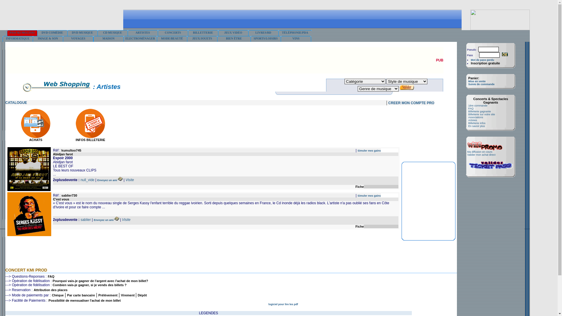 The image size is (562, 316). I want to click on 'En savoir plus', so click(477, 126).